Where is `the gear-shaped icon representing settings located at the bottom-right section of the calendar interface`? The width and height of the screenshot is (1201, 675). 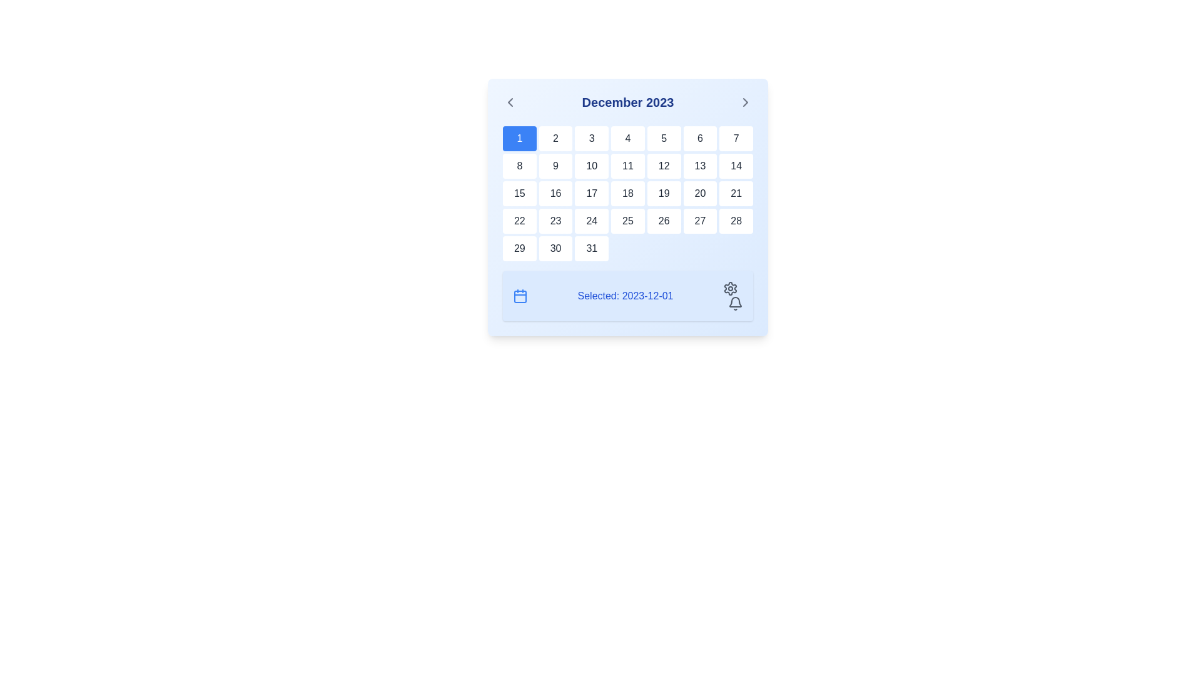 the gear-shaped icon representing settings located at the bottom-right section of the calendar interface is located at coordinates (730, 289).